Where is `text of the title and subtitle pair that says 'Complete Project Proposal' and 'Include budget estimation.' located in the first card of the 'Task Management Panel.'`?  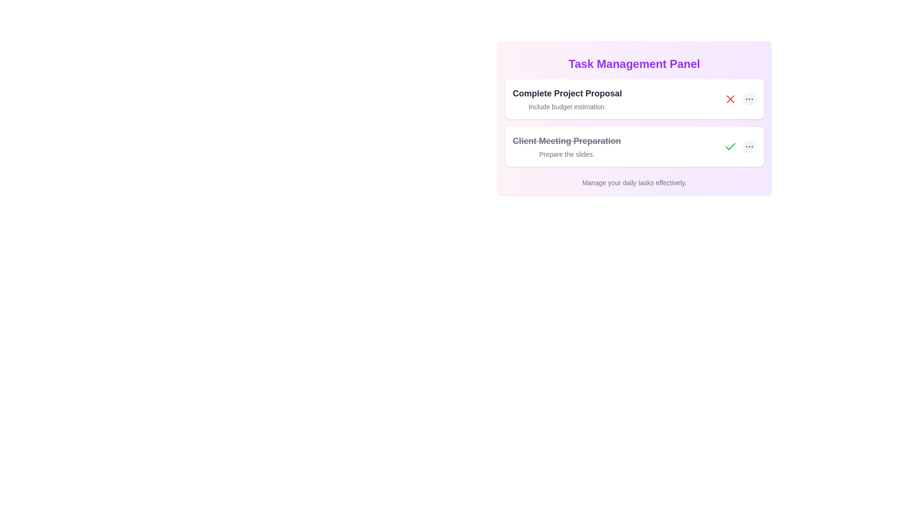 text of the title and subtitle pair that says 'Complete Project Proposal' and 'Include budget estimation.' located in the first card of the 'Task Management Panel.' is located at coordinates (567, 99).